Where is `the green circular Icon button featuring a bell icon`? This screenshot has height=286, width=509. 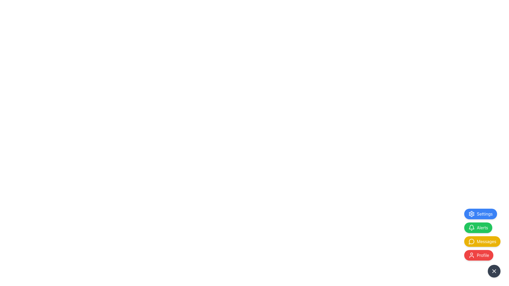
the green circular Icon button featuring a bell icon is located at coordinates (471, 227).